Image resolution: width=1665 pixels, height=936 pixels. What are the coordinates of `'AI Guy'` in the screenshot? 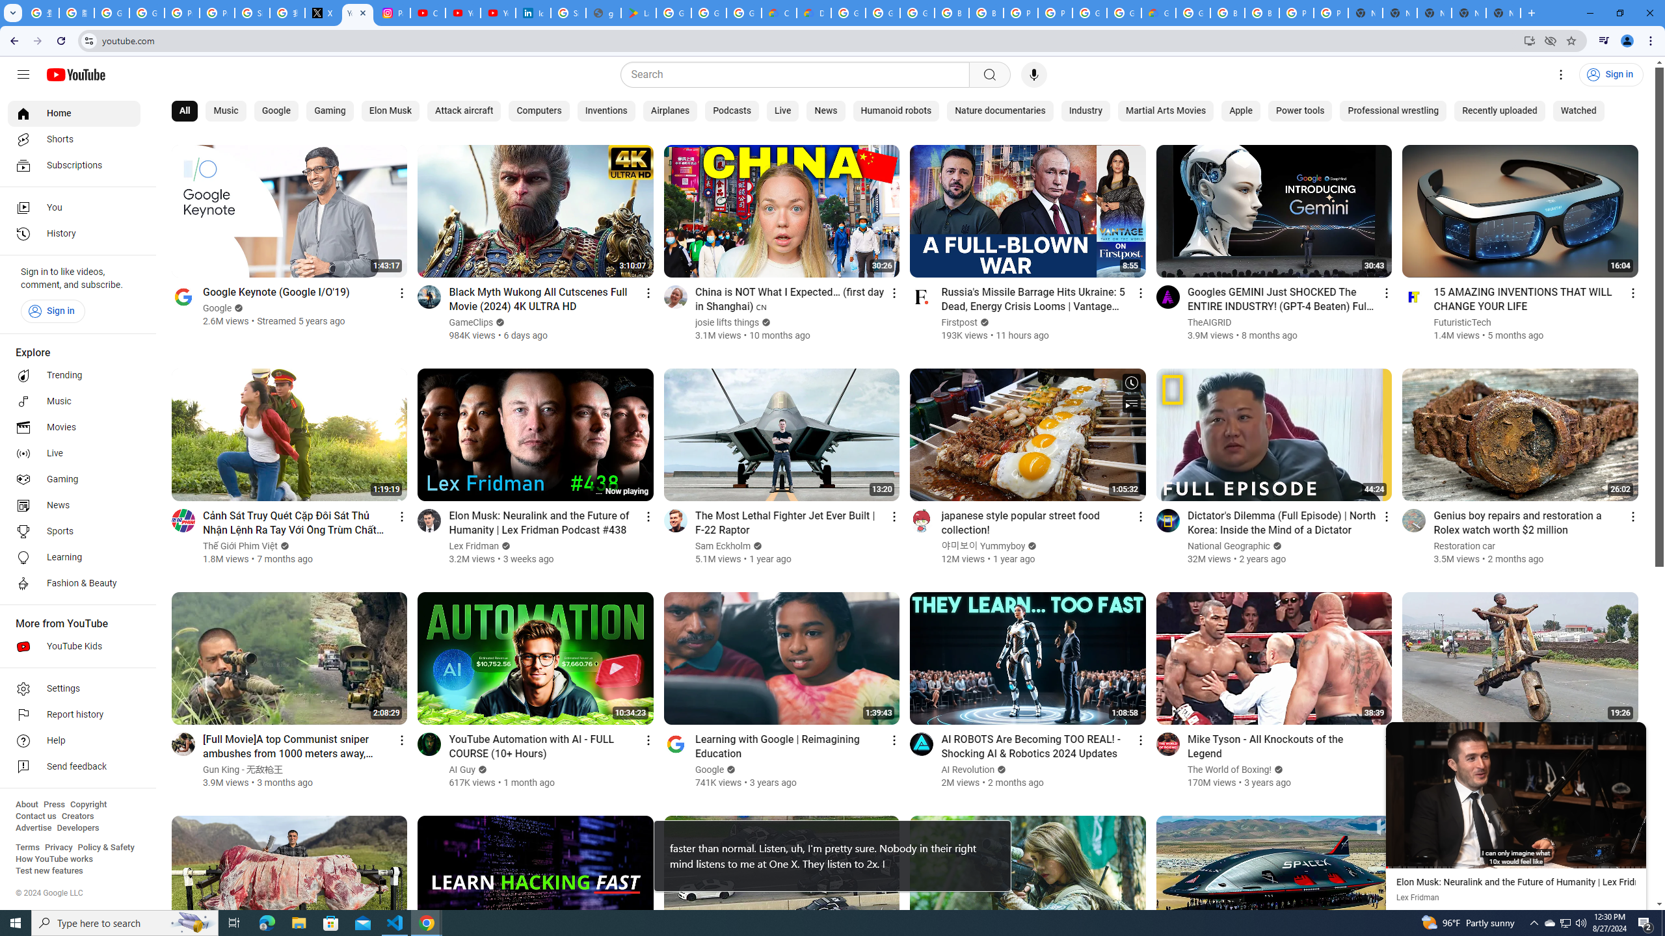 It's located at (462, 769).